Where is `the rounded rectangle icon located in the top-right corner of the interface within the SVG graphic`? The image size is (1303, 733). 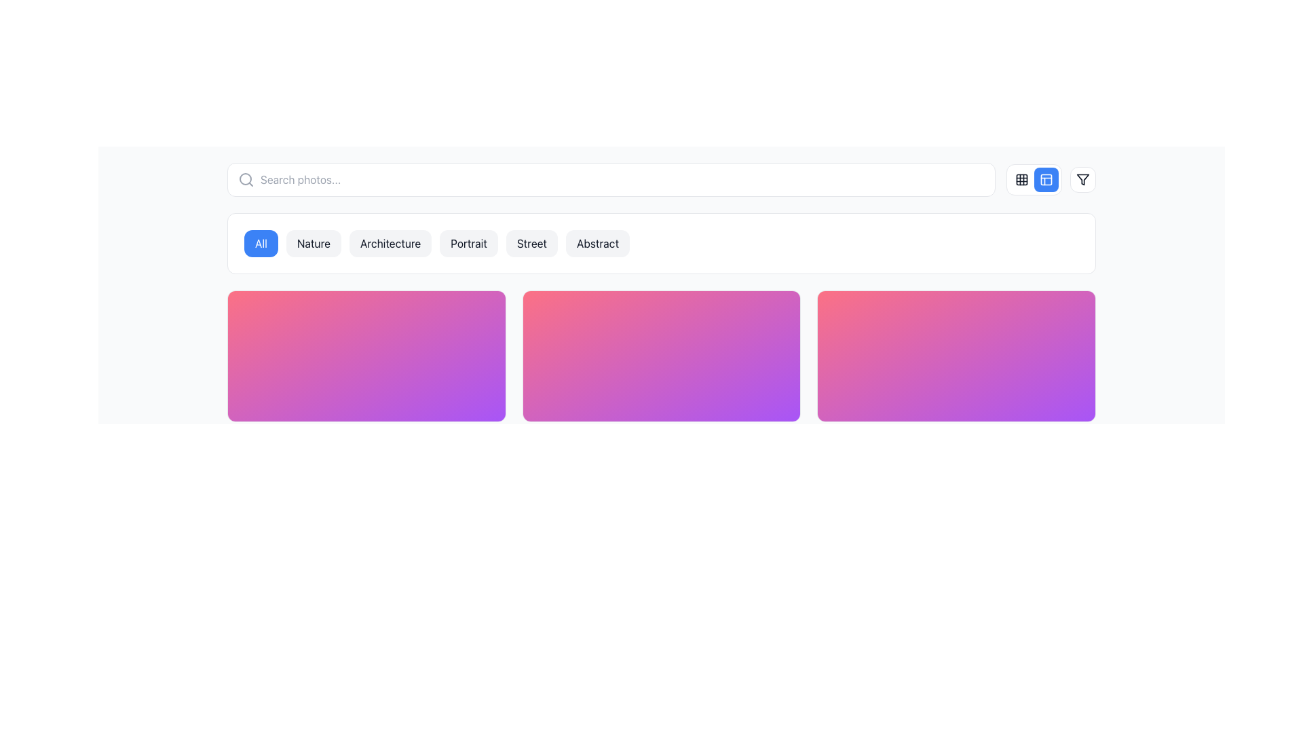 the rounded rectangle icon located in the top-right corner of the interface within the SVG graphic is located at coordinates (1045, 179).